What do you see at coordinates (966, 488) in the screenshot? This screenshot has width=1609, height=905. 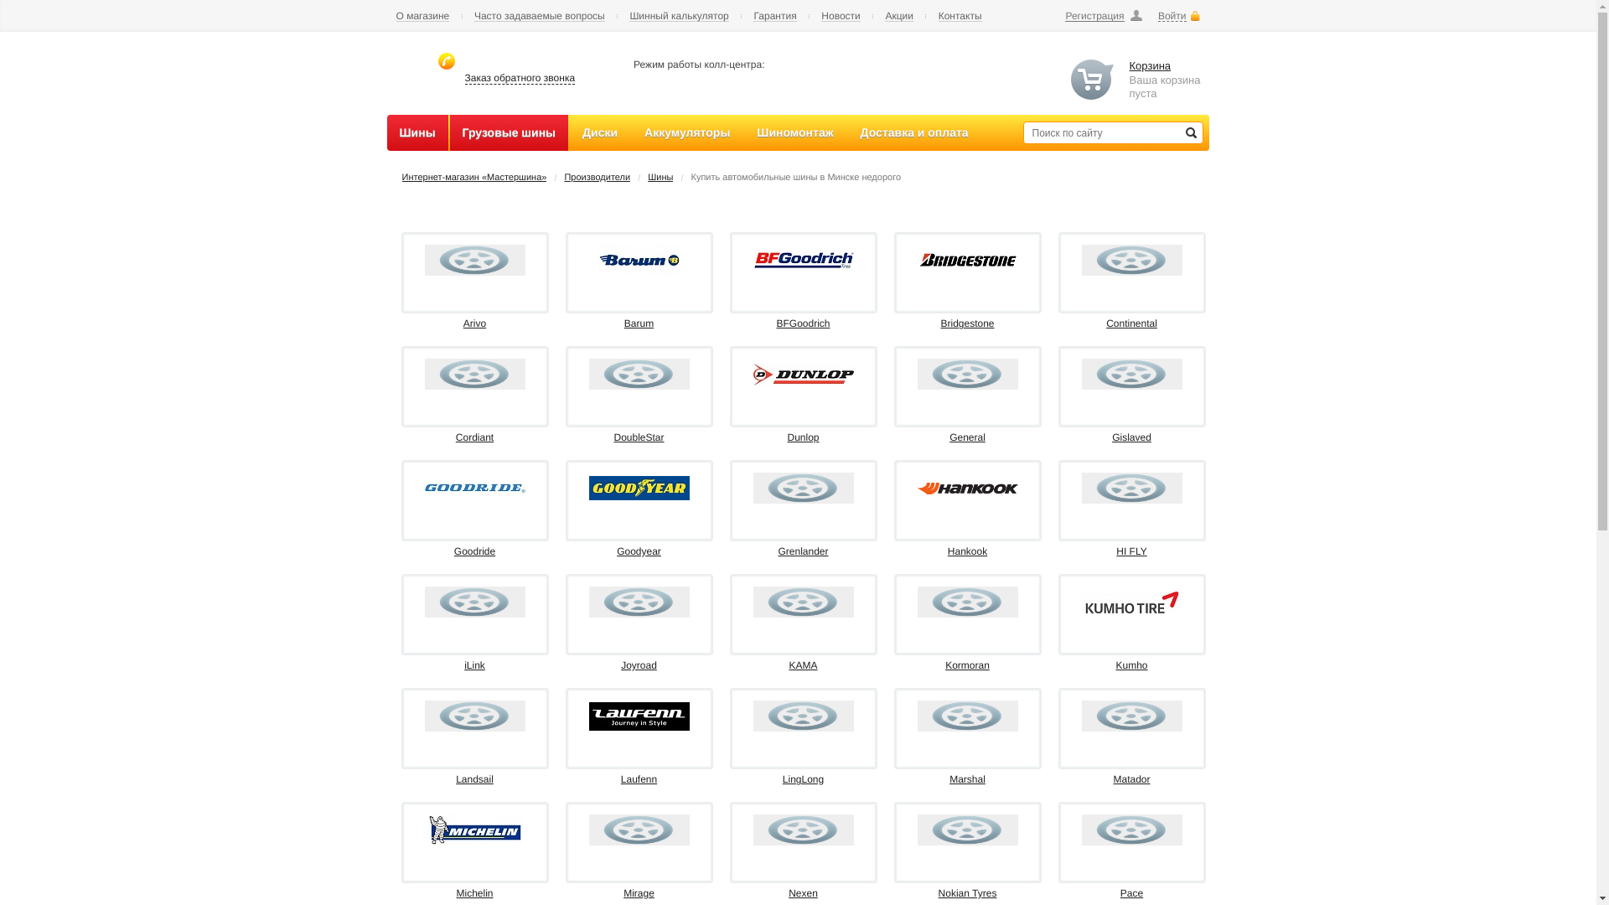 I see `'Hankook'` at bounding box center [966, 488].